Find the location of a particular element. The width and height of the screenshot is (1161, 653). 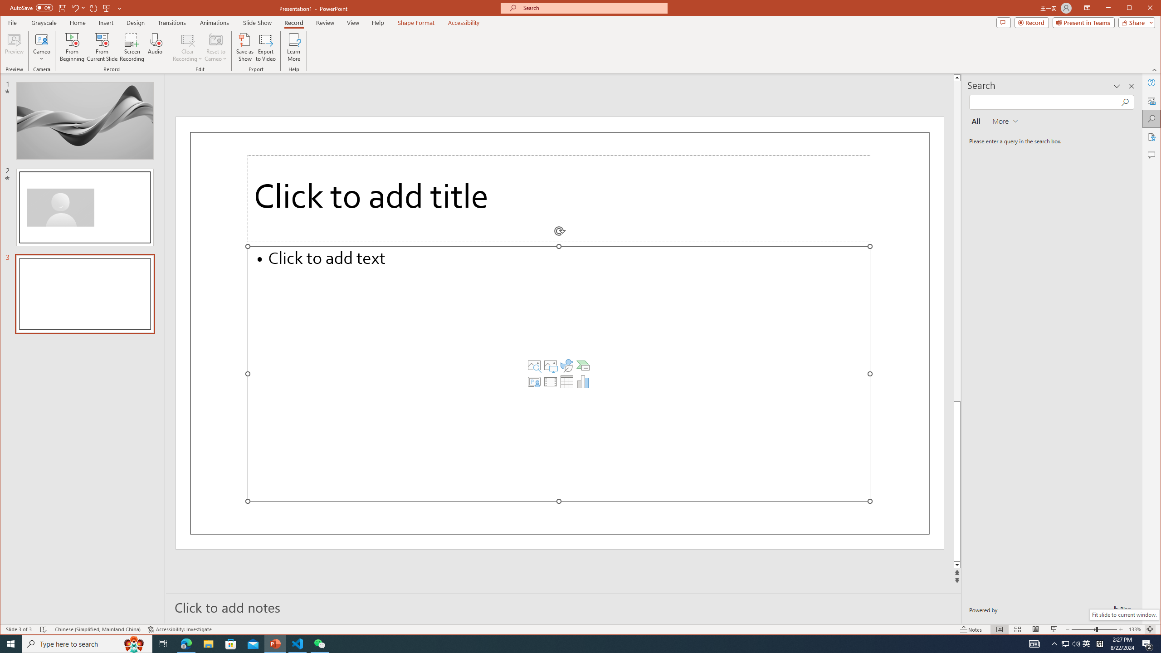

'WeChat - 1 running window' is located at coordinates (320, 643).